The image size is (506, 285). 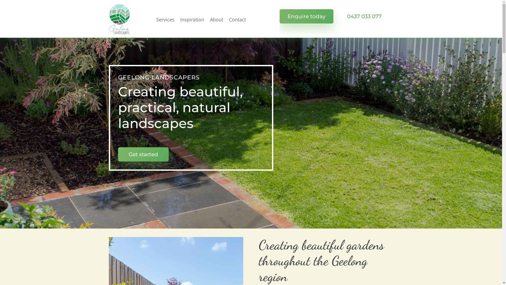 I want to click on 'About', so click(x=216, y=19).